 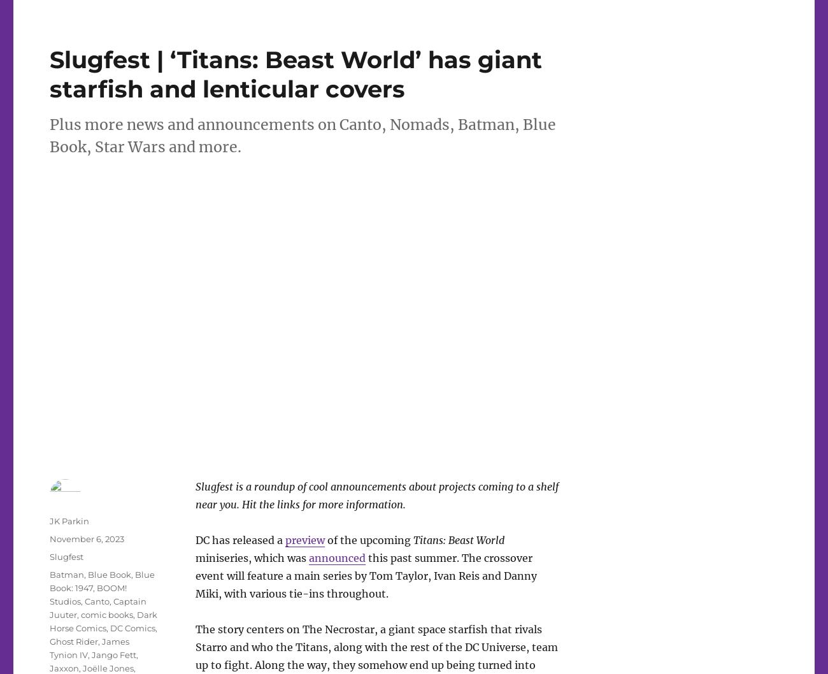 What do you see at coordinates (109, 575) in the screenshot?
I see `'Blue Book'` at bounding box center [109, 575].